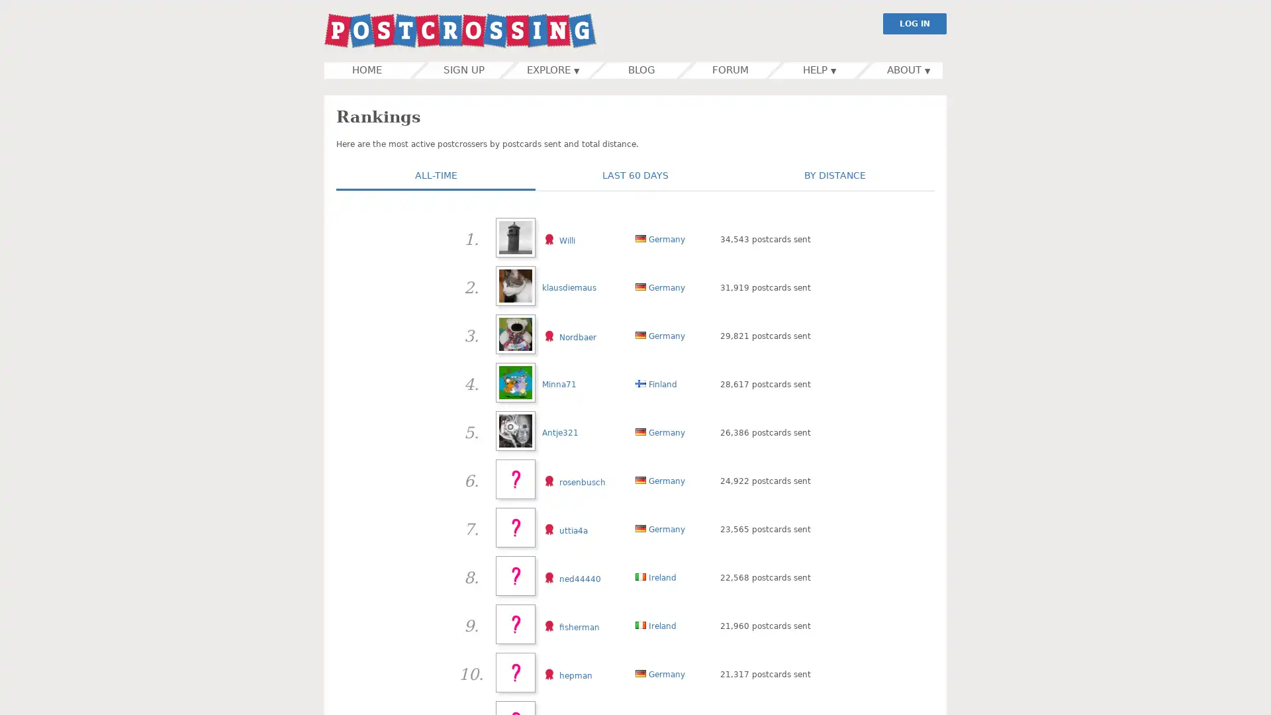  What do you see at coordinates (914, 23) in the screenshot?
I see `LOG IN` at bounding box center [914, 23].